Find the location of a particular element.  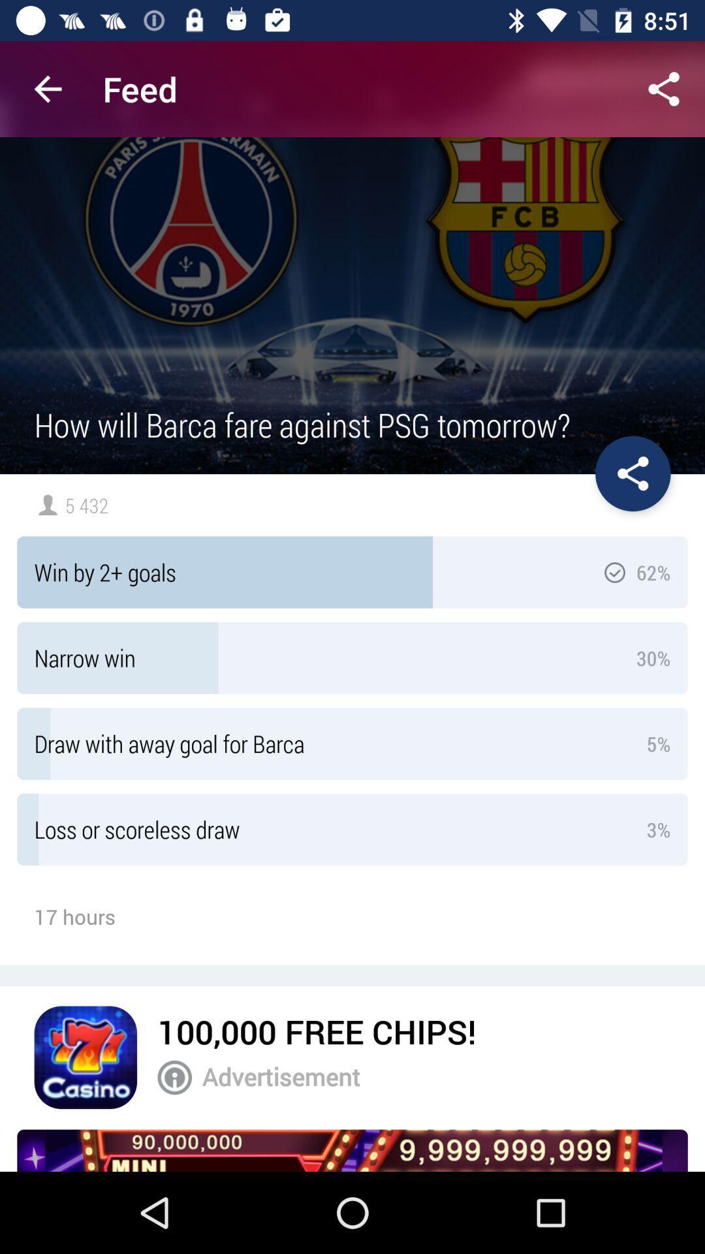

info about advertisement is located at coordinates (174, 1078).